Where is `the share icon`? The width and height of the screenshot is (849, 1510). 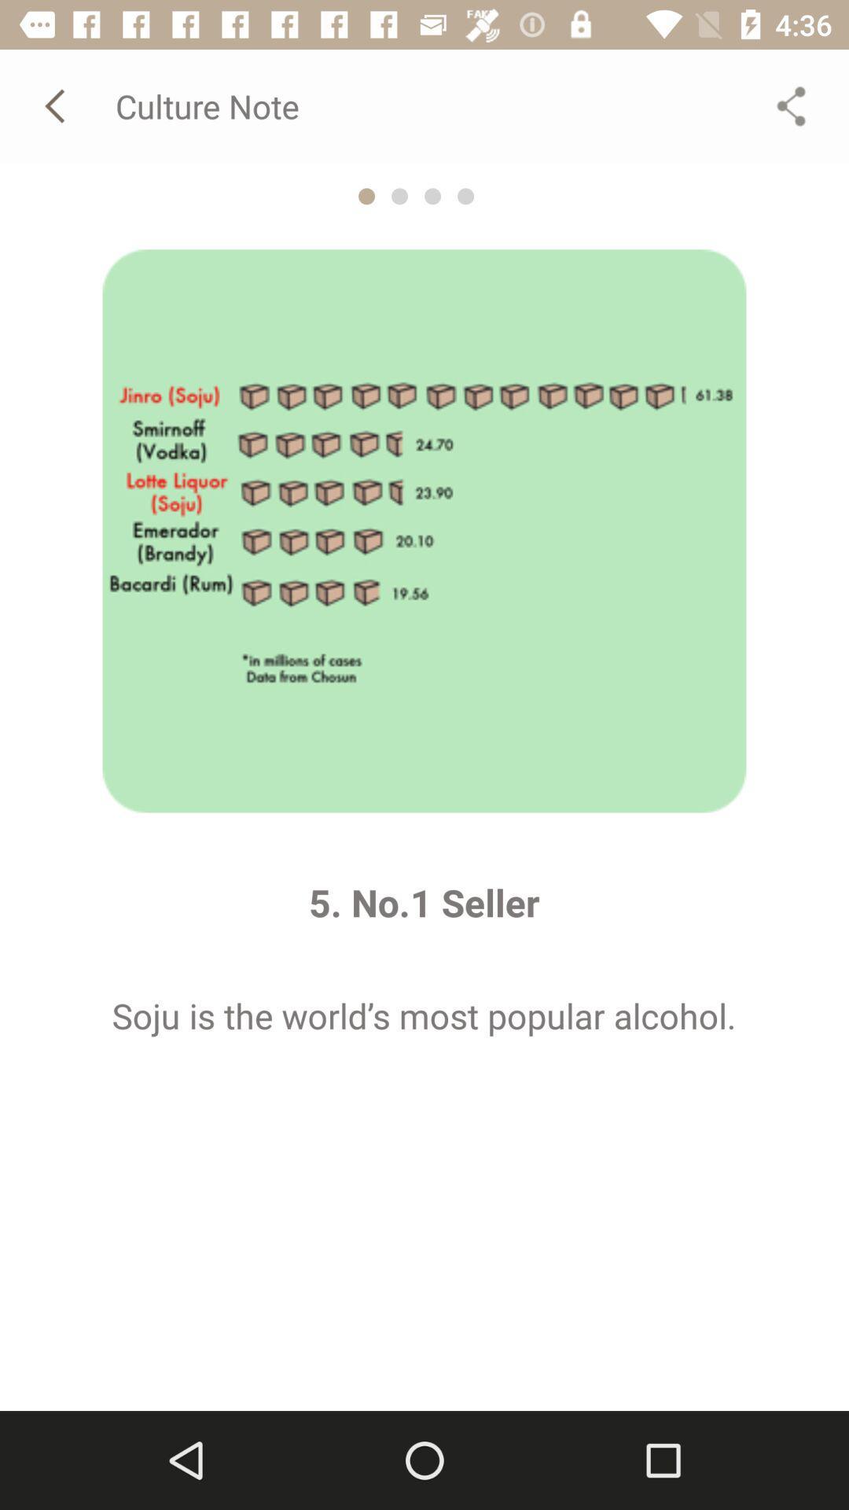
the share icon is located at coordinates (791, 105).